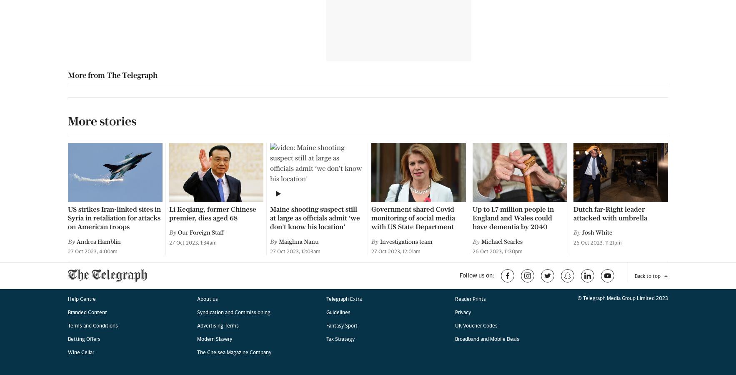  I want to click on 'Tax Strategy', so click(340, 67).